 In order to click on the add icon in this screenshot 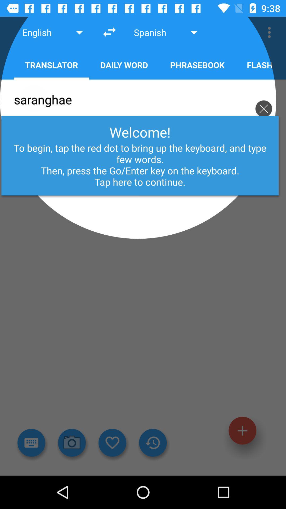, I will do `click(242, 431)`.